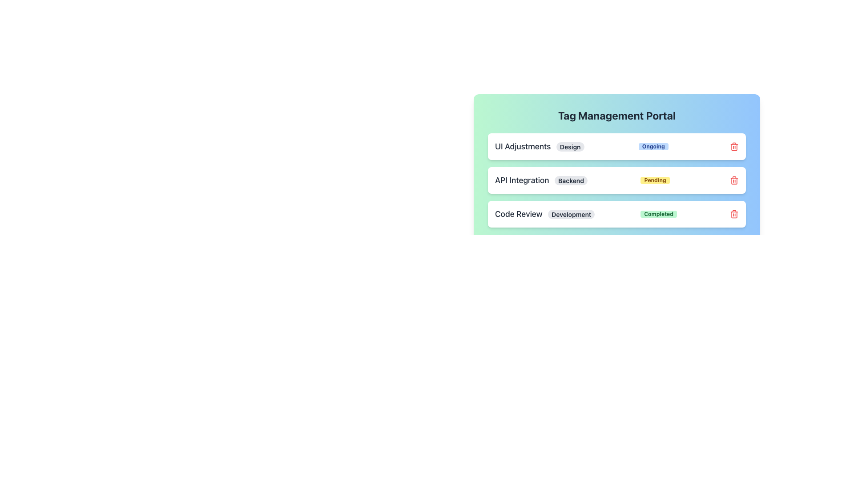  Describe the element at coordinates (544, 214) in the screenshot. I see `the text label that serves as a title or label for a task or section, located in the third row from the top, immediately to the left of the 'Development' tag` at that location.